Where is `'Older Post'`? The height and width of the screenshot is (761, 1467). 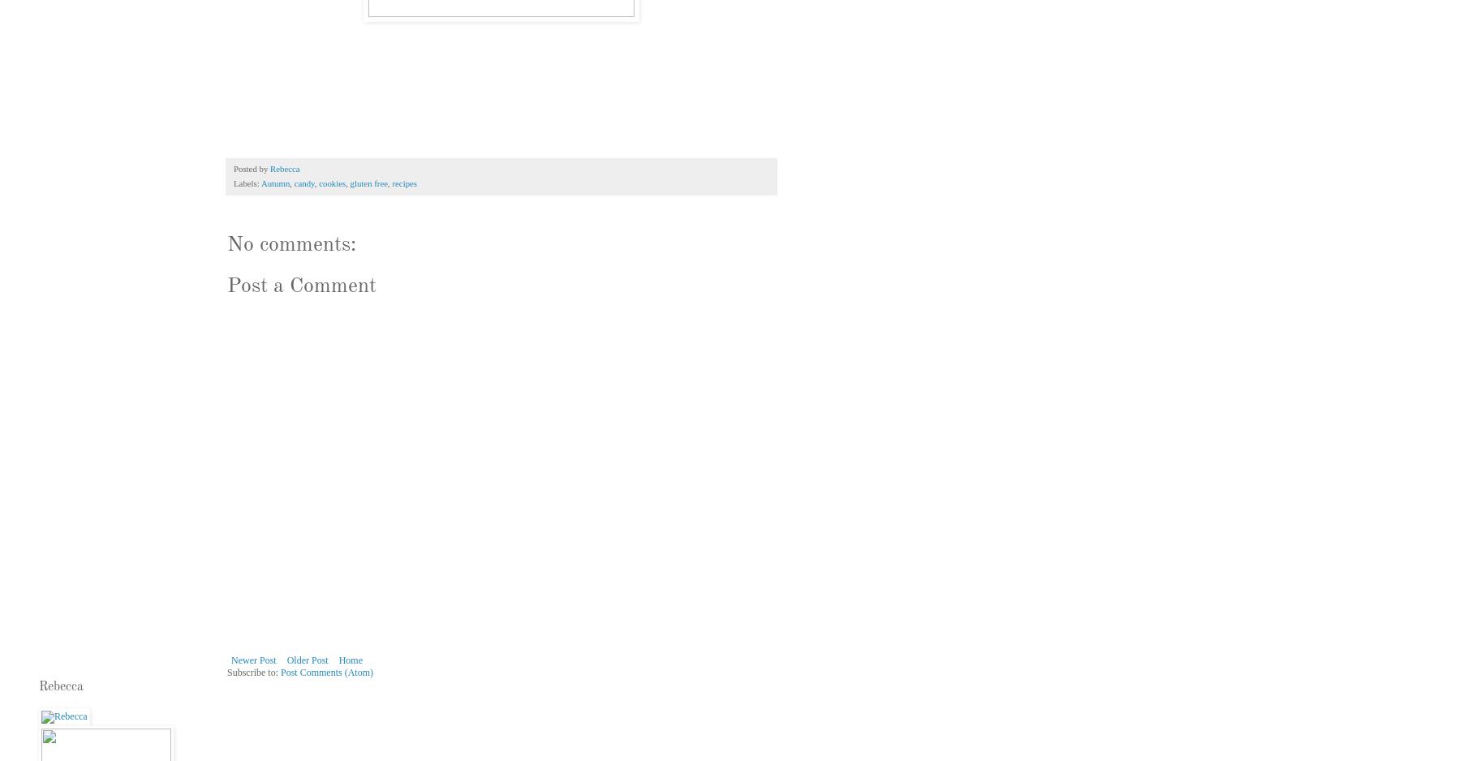
'Older Post' is located at coordinates (306, 660).